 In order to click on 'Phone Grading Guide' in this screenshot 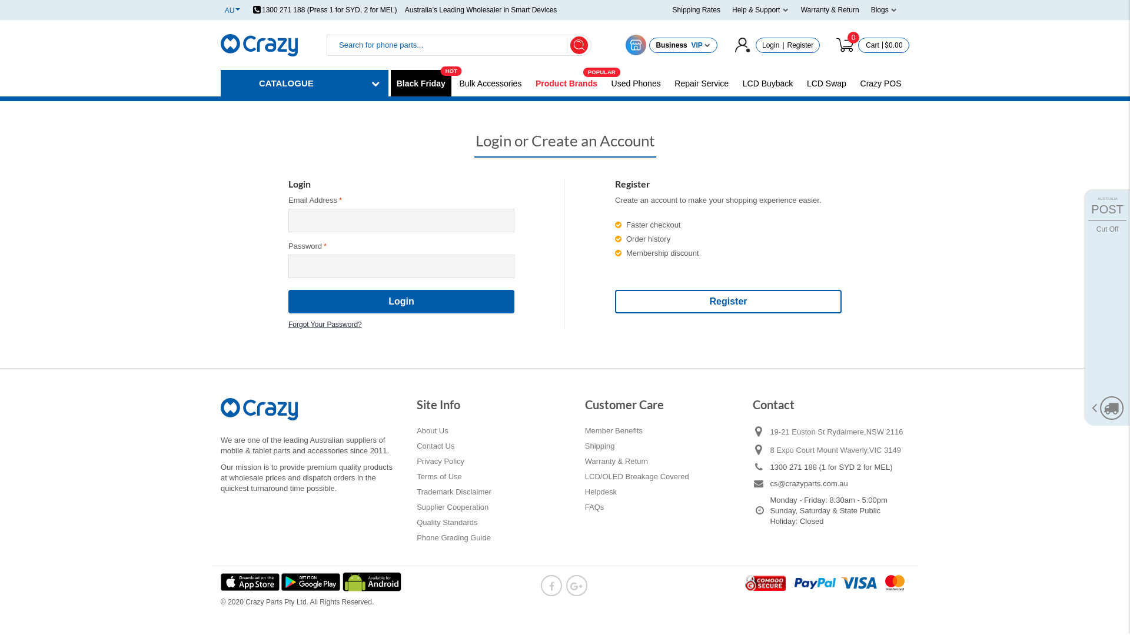, I will do `click(453, 537)`.